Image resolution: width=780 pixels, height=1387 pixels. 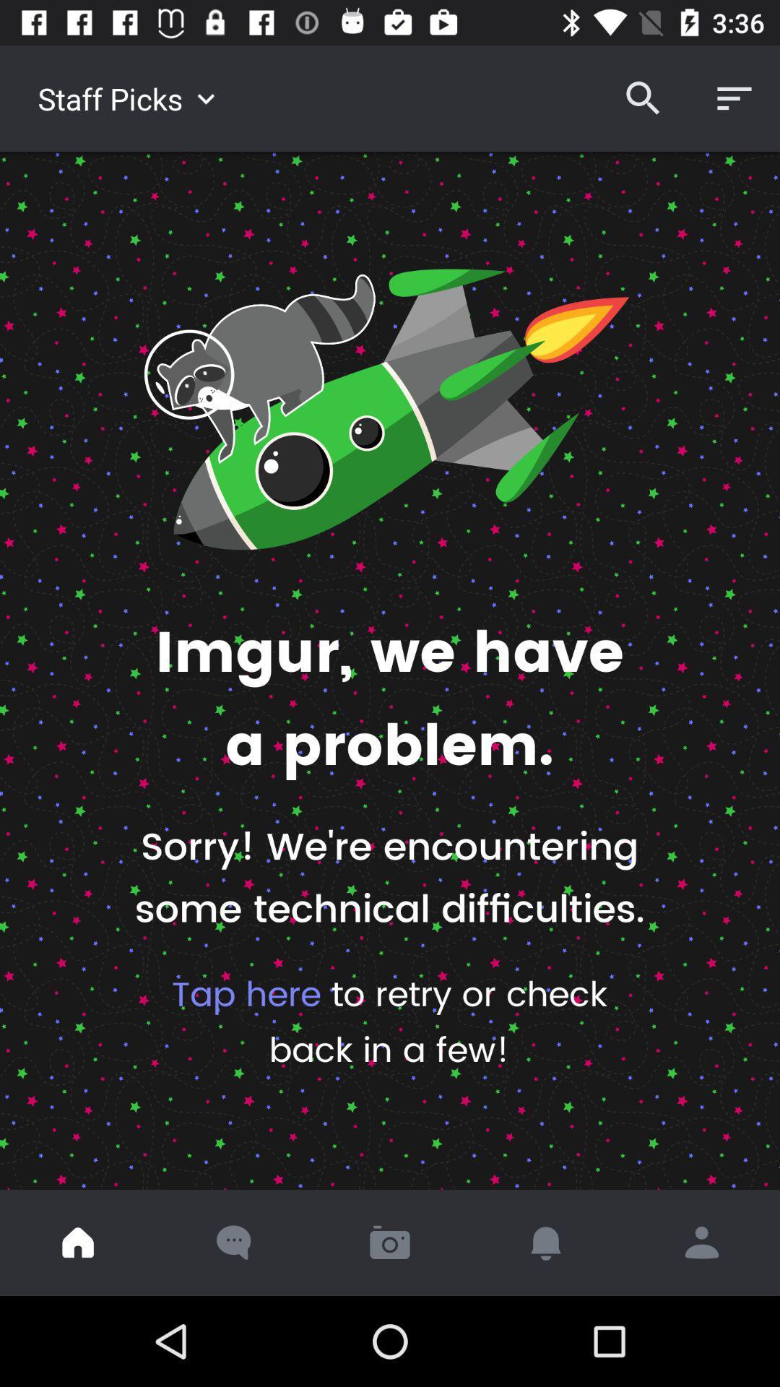 What do you see at coordinates (78, 1242) in the screenshot?
I see `the home icon` at bounding box center [78, 1242].